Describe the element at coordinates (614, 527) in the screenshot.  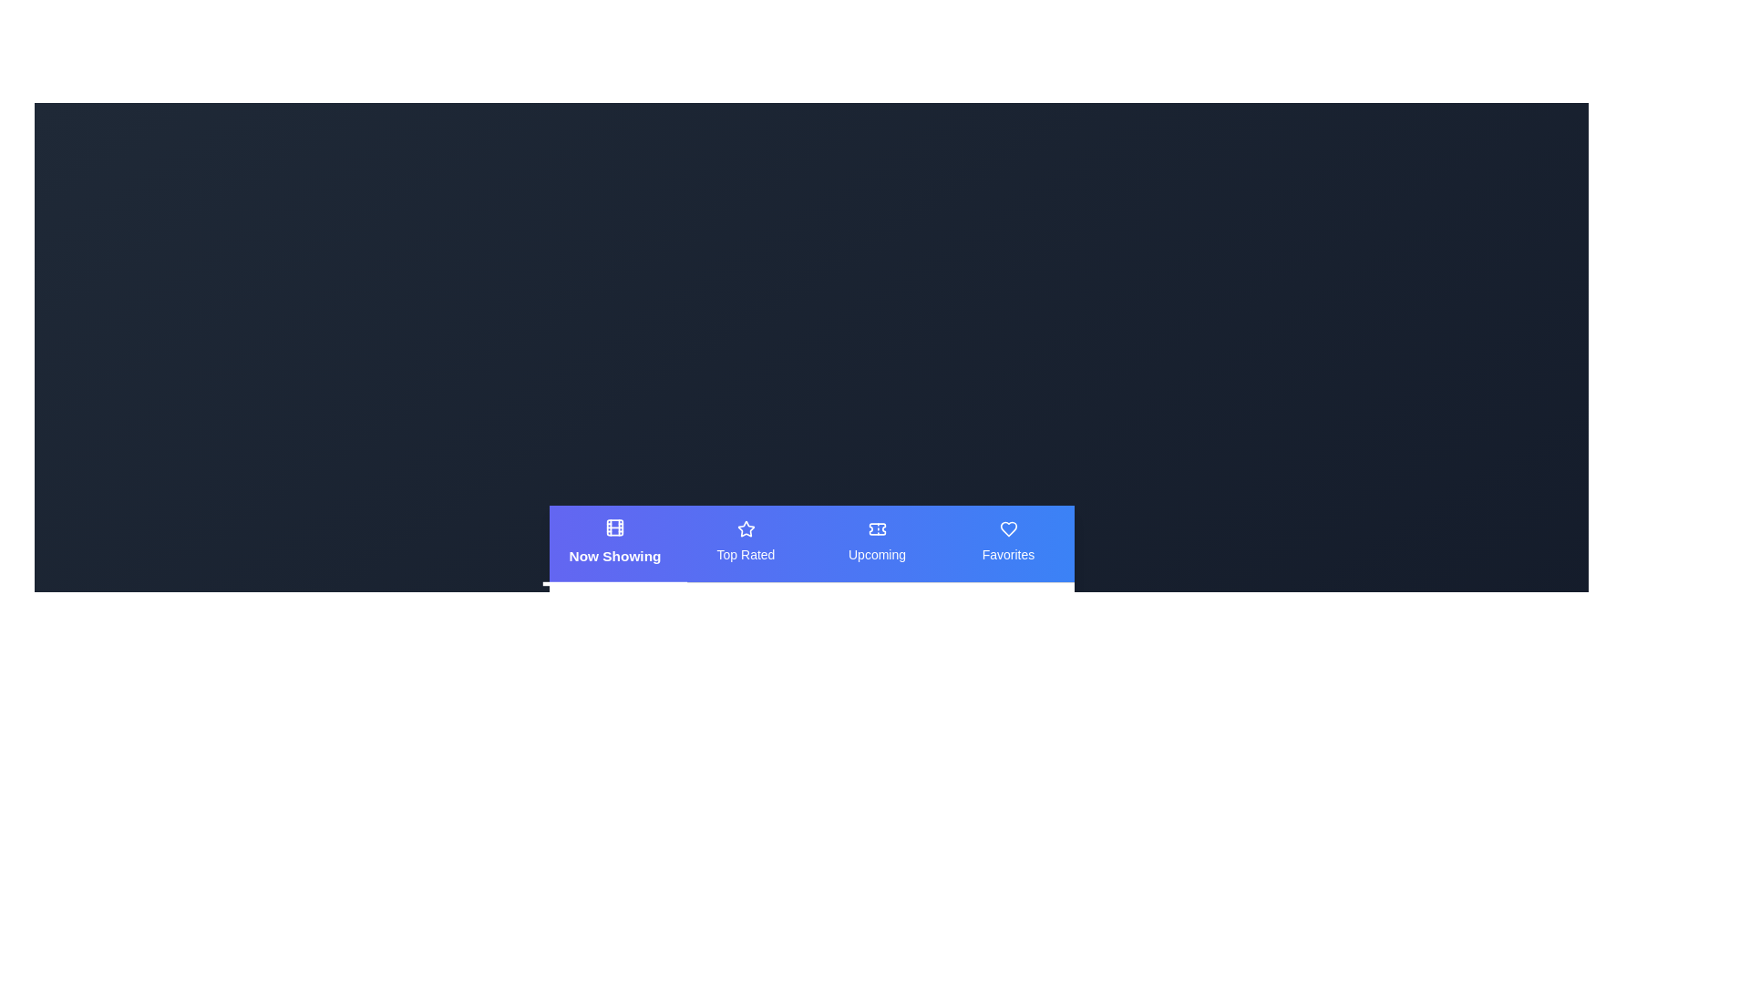
I see `the SVG rectangular shape with rounded corners that is part of a film reel icon, centrally located within its group above the 'Now Showing' text in the bottom navigation bar` at that location.